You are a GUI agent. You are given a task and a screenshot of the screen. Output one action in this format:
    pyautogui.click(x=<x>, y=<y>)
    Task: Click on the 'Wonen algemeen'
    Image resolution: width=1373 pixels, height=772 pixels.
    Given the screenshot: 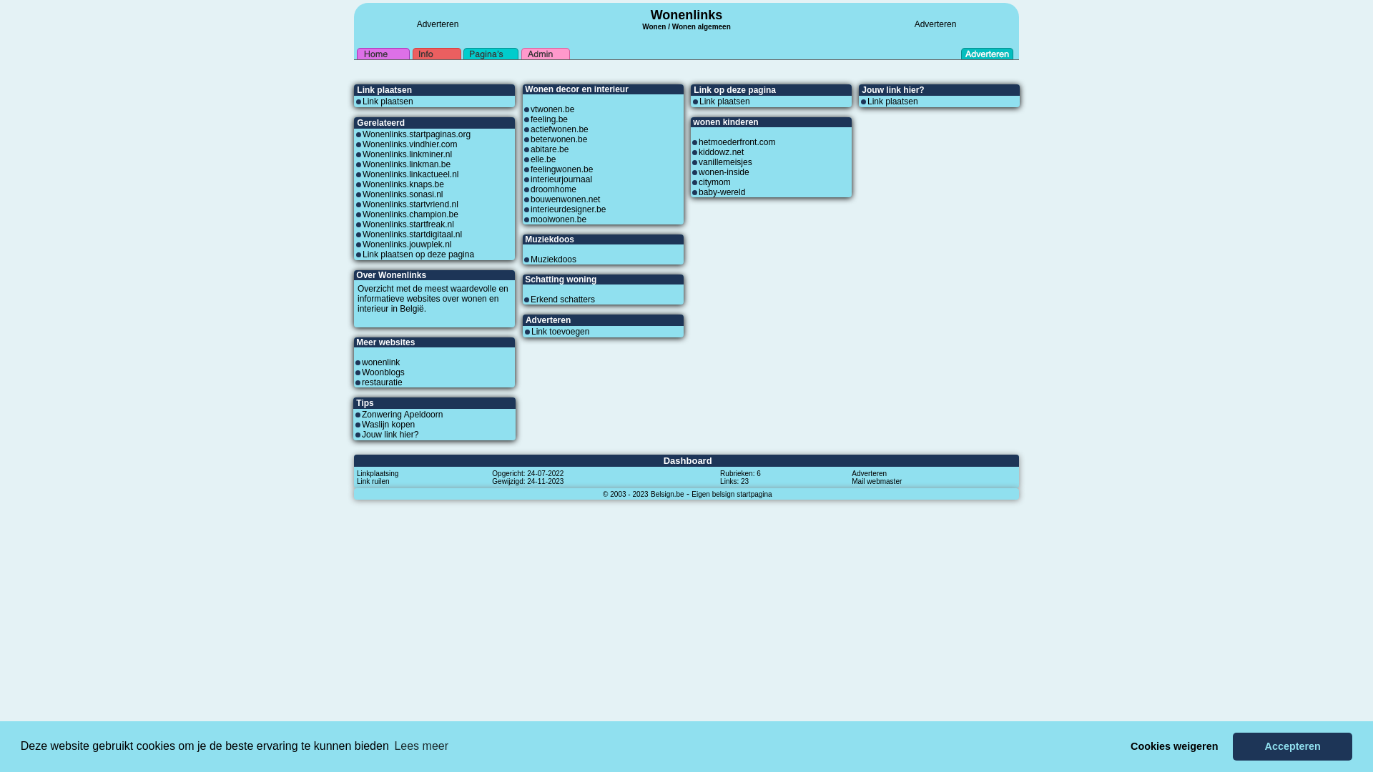 What is the action you would take?
    pyautogui.click(x=671, y=26)
    